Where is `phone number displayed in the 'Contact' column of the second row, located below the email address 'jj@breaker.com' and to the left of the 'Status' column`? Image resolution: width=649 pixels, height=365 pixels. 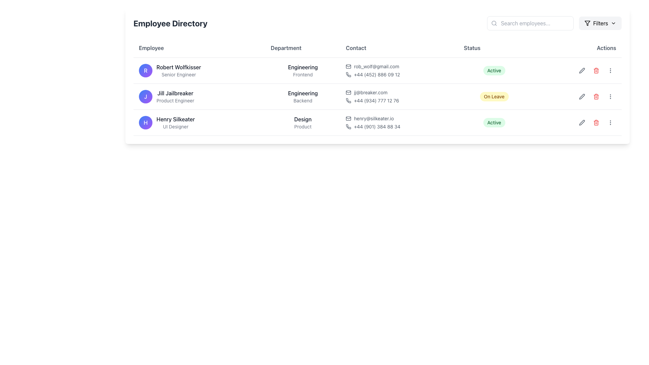 phone number displayed in the 'Contact' column of the second row, located below the email address 'jj@breaker.com' and to the left of the 'Status' column is located at coordinates (399, 100).